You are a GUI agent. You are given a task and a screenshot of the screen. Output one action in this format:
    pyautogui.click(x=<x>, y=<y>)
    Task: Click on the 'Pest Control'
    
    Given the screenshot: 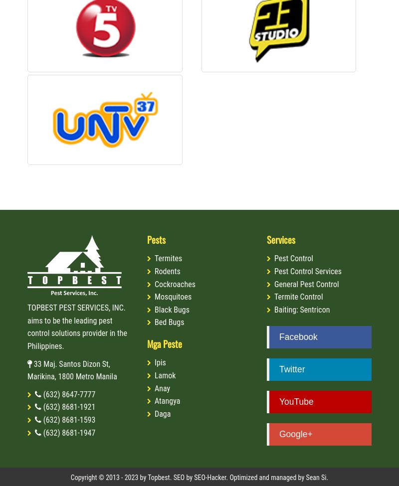 What is the action you would take?
    pyautogui.click(x=293, y=258)
    